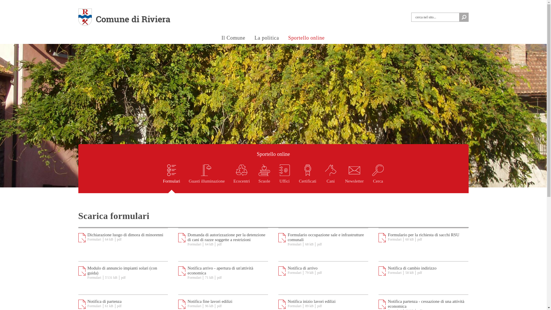 This screenshot has height=310, width=551. I want to click on 'Il Comune', so click(233, 38).